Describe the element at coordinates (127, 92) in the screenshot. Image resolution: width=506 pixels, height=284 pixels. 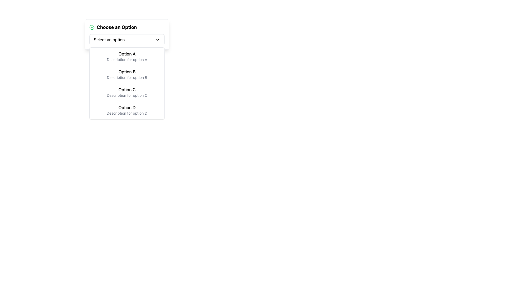
I see `the selectable list item labeled 'Option C' in the dropdown menu` at that location.